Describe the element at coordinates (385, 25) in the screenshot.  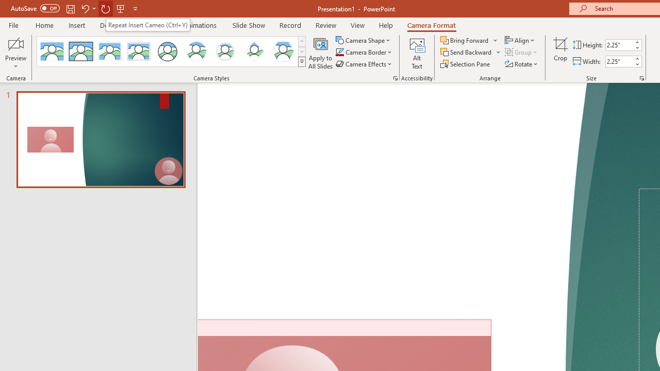
I see `'Help'` at that location.